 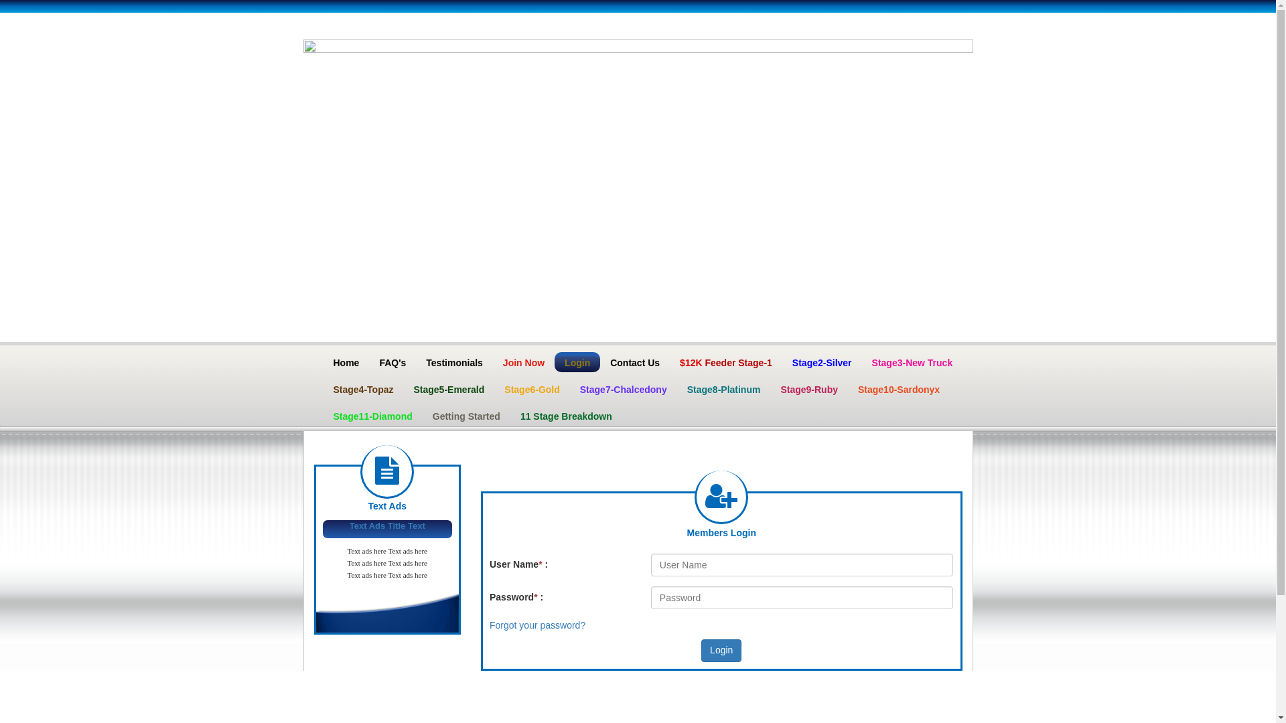 I want to click on 'Testimonials', so click(x=454, y=361).